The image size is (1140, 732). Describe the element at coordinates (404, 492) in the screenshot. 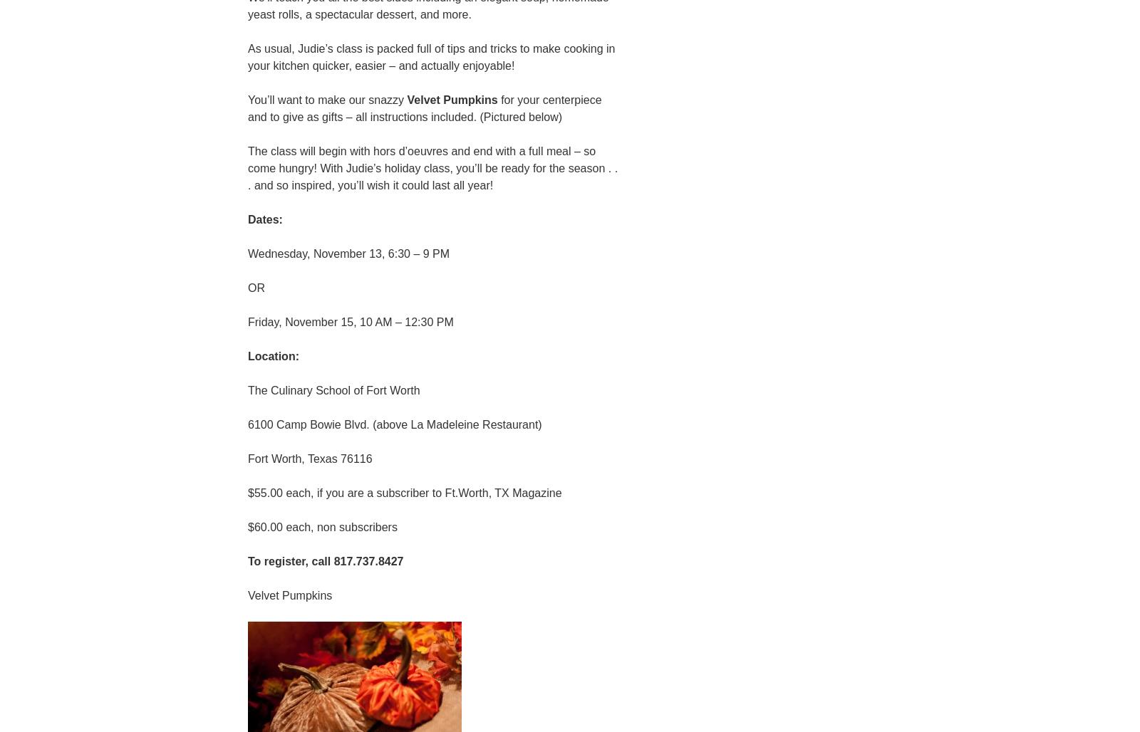

I see `'$55.00 each, if you are a subscriber to Ft.Worth, TX Magazine'` at that location.